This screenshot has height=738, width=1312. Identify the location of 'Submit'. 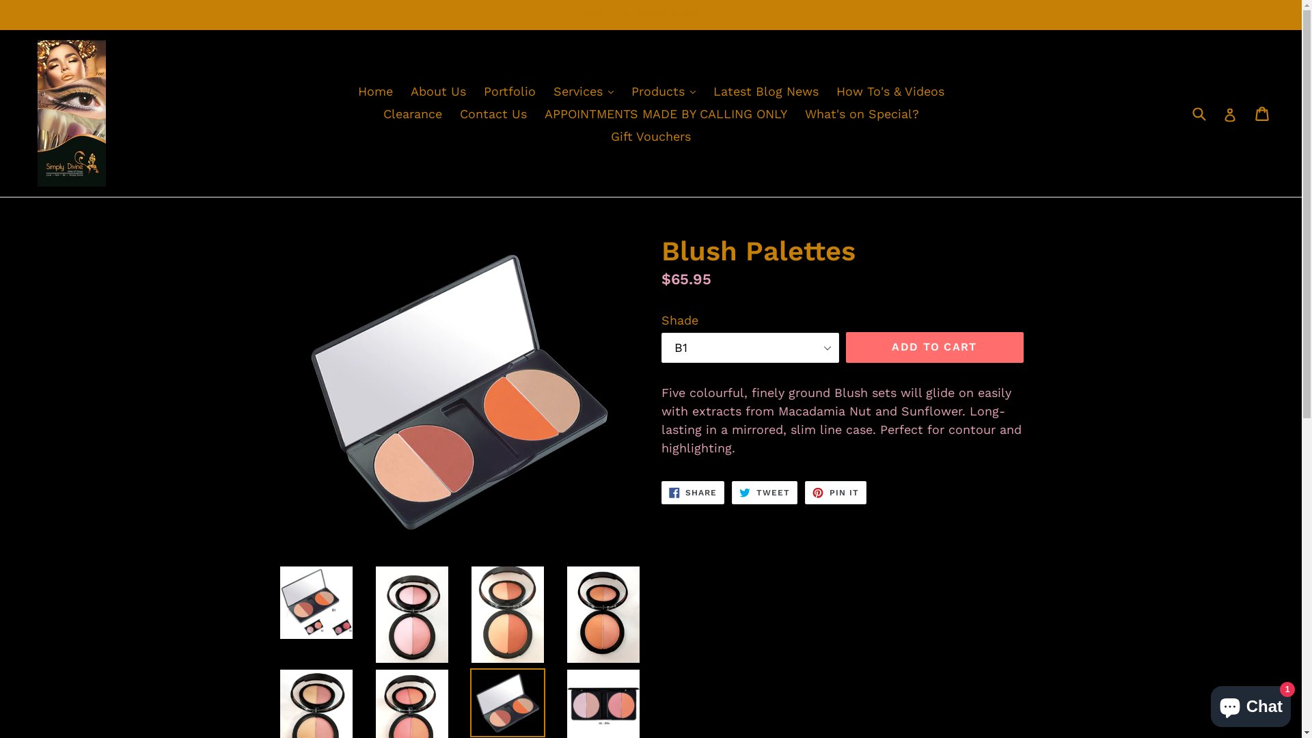
(1197, 112).